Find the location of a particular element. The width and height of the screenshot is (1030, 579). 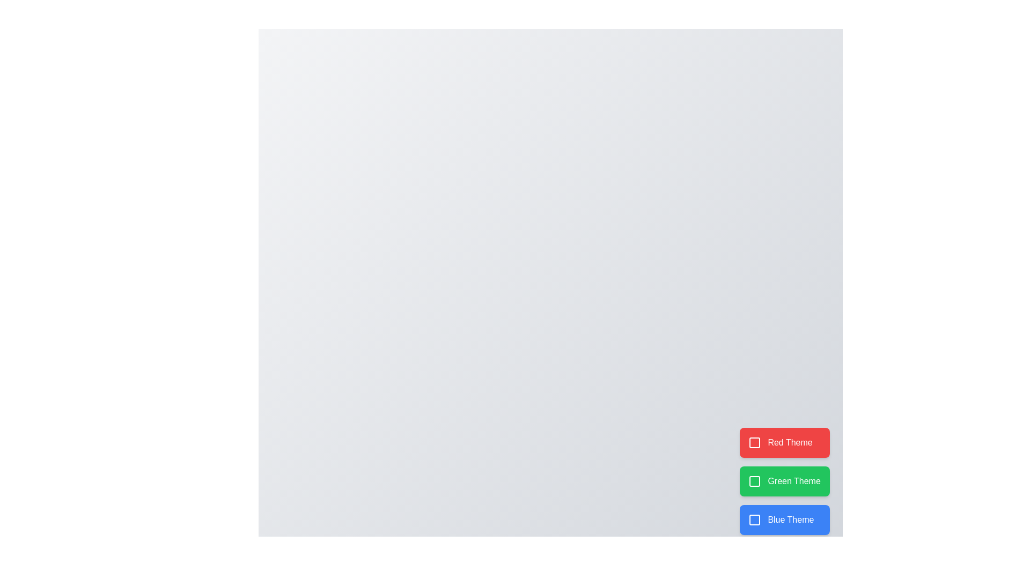

the button corresponding to Blue theme to observe its visual feedback is located at coordinates (785, 519).